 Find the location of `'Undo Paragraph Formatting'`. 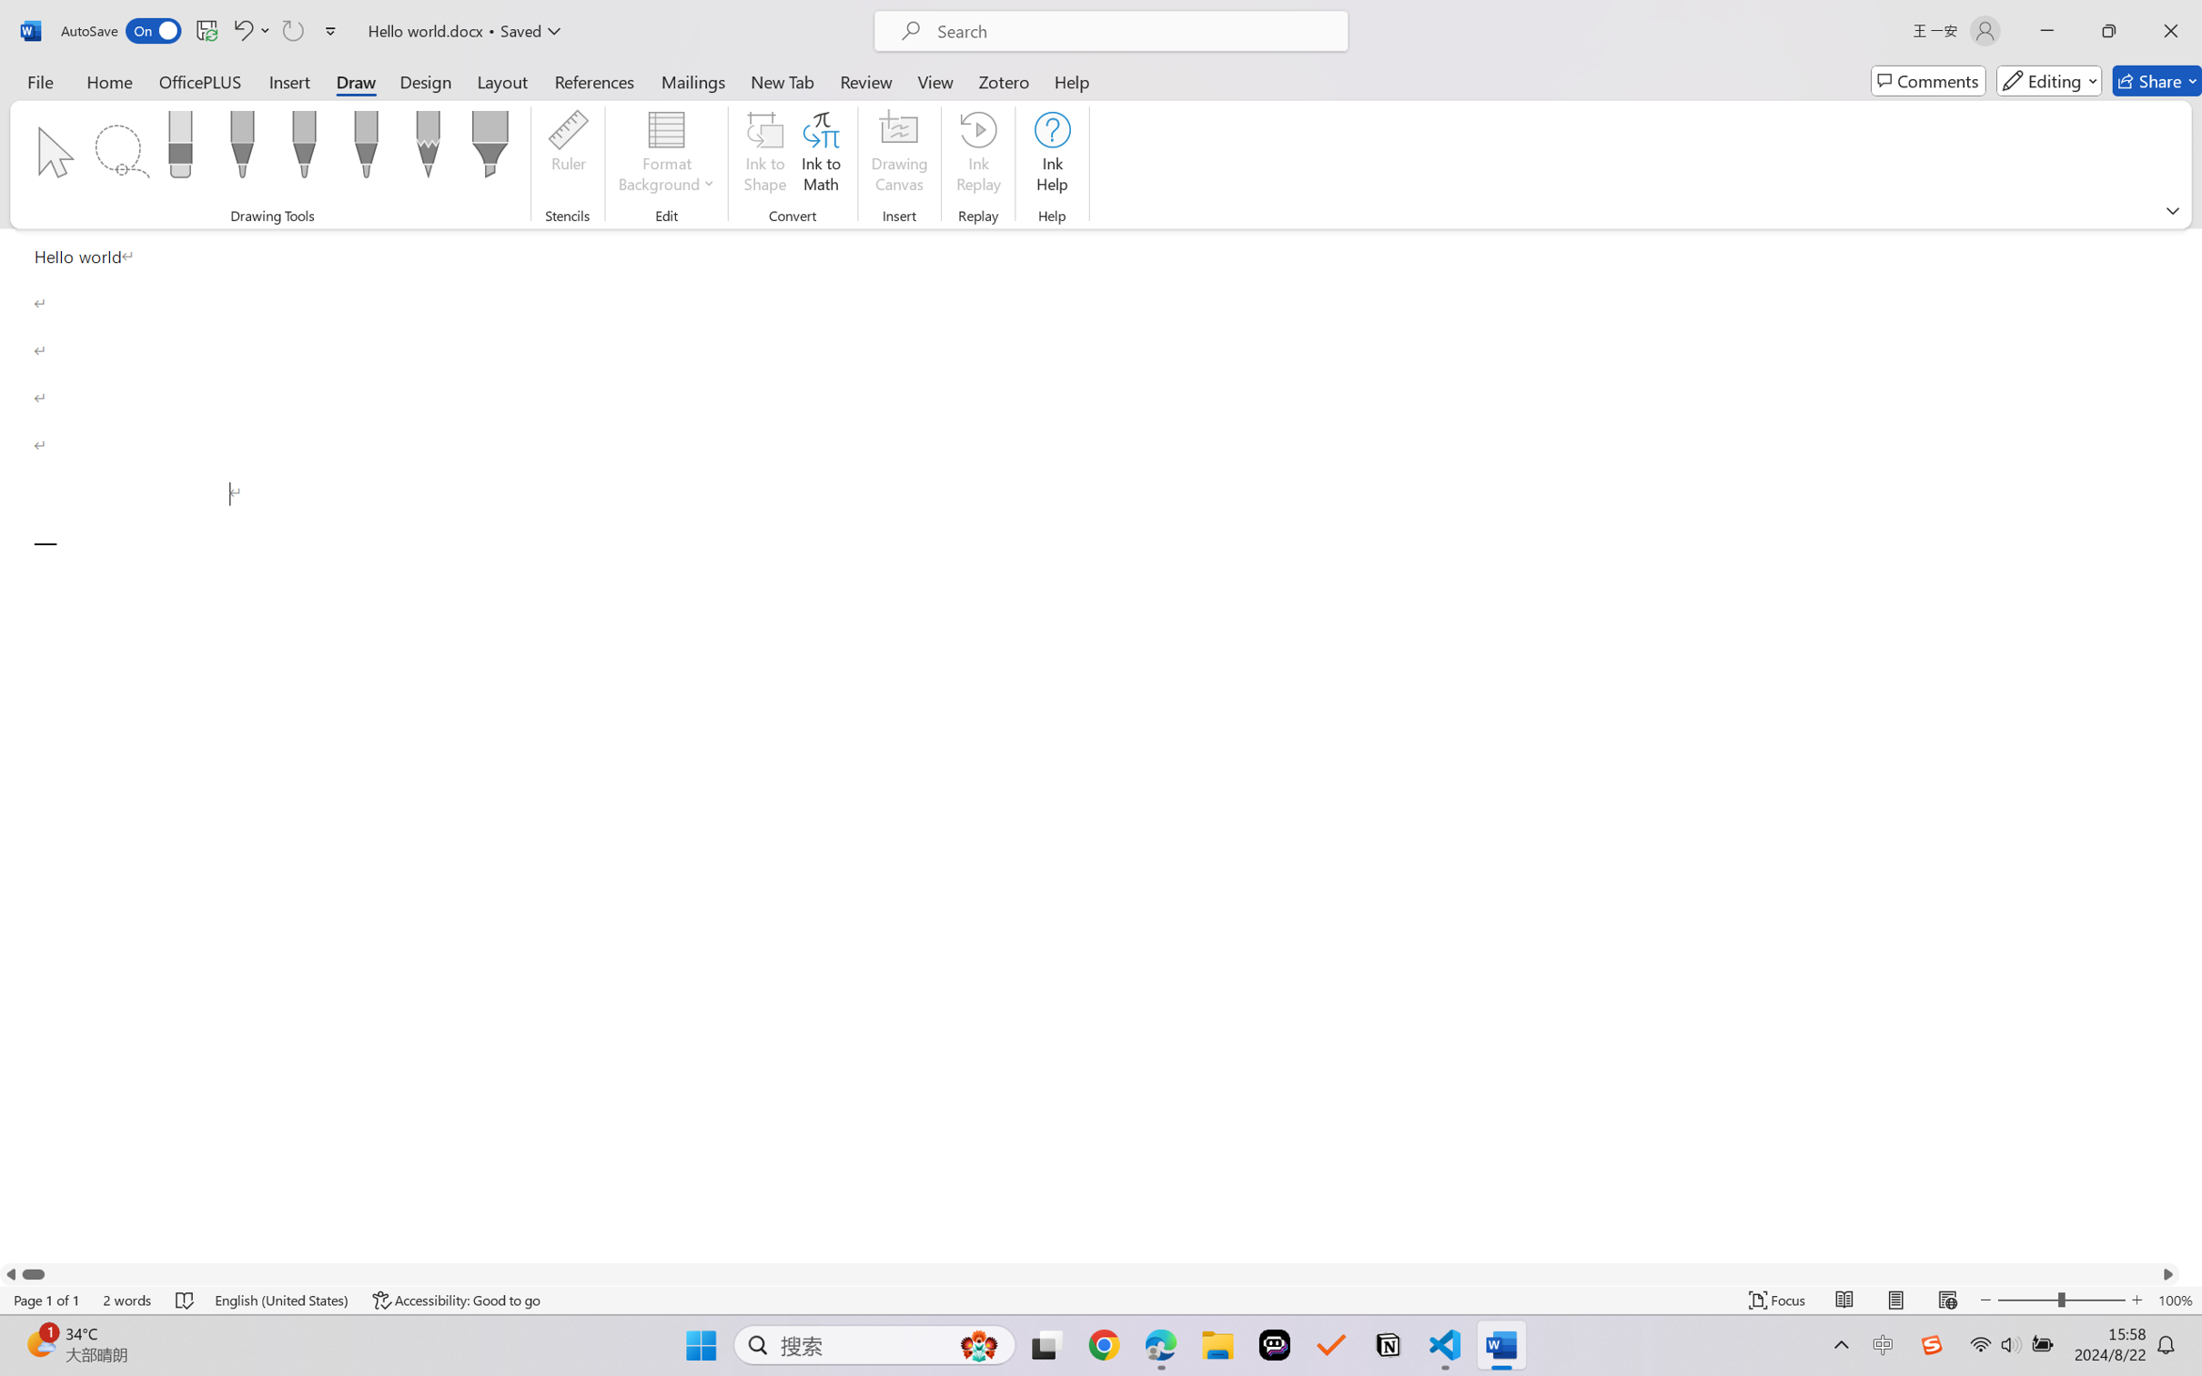

'Undo Paragraph Formatting' is located at coordinates (249, 30).